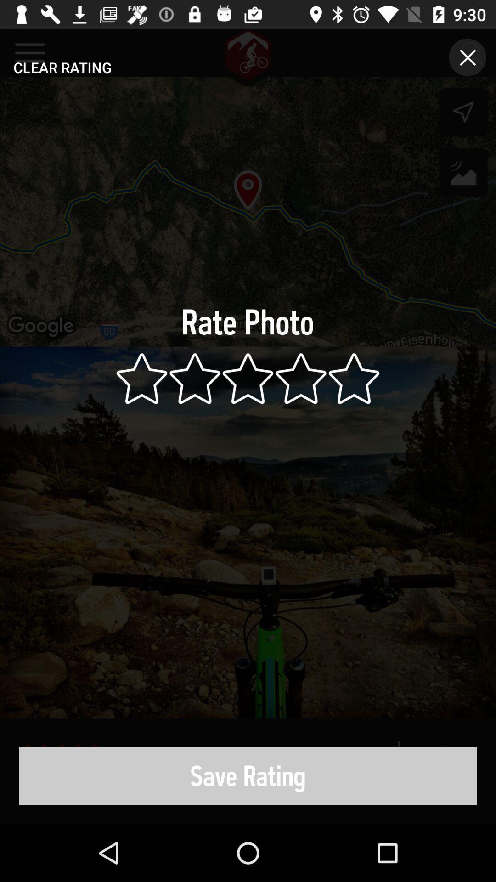  Describe the element at coordinates (463, 175) in the screenshot. I see `the edit icon` at that location.